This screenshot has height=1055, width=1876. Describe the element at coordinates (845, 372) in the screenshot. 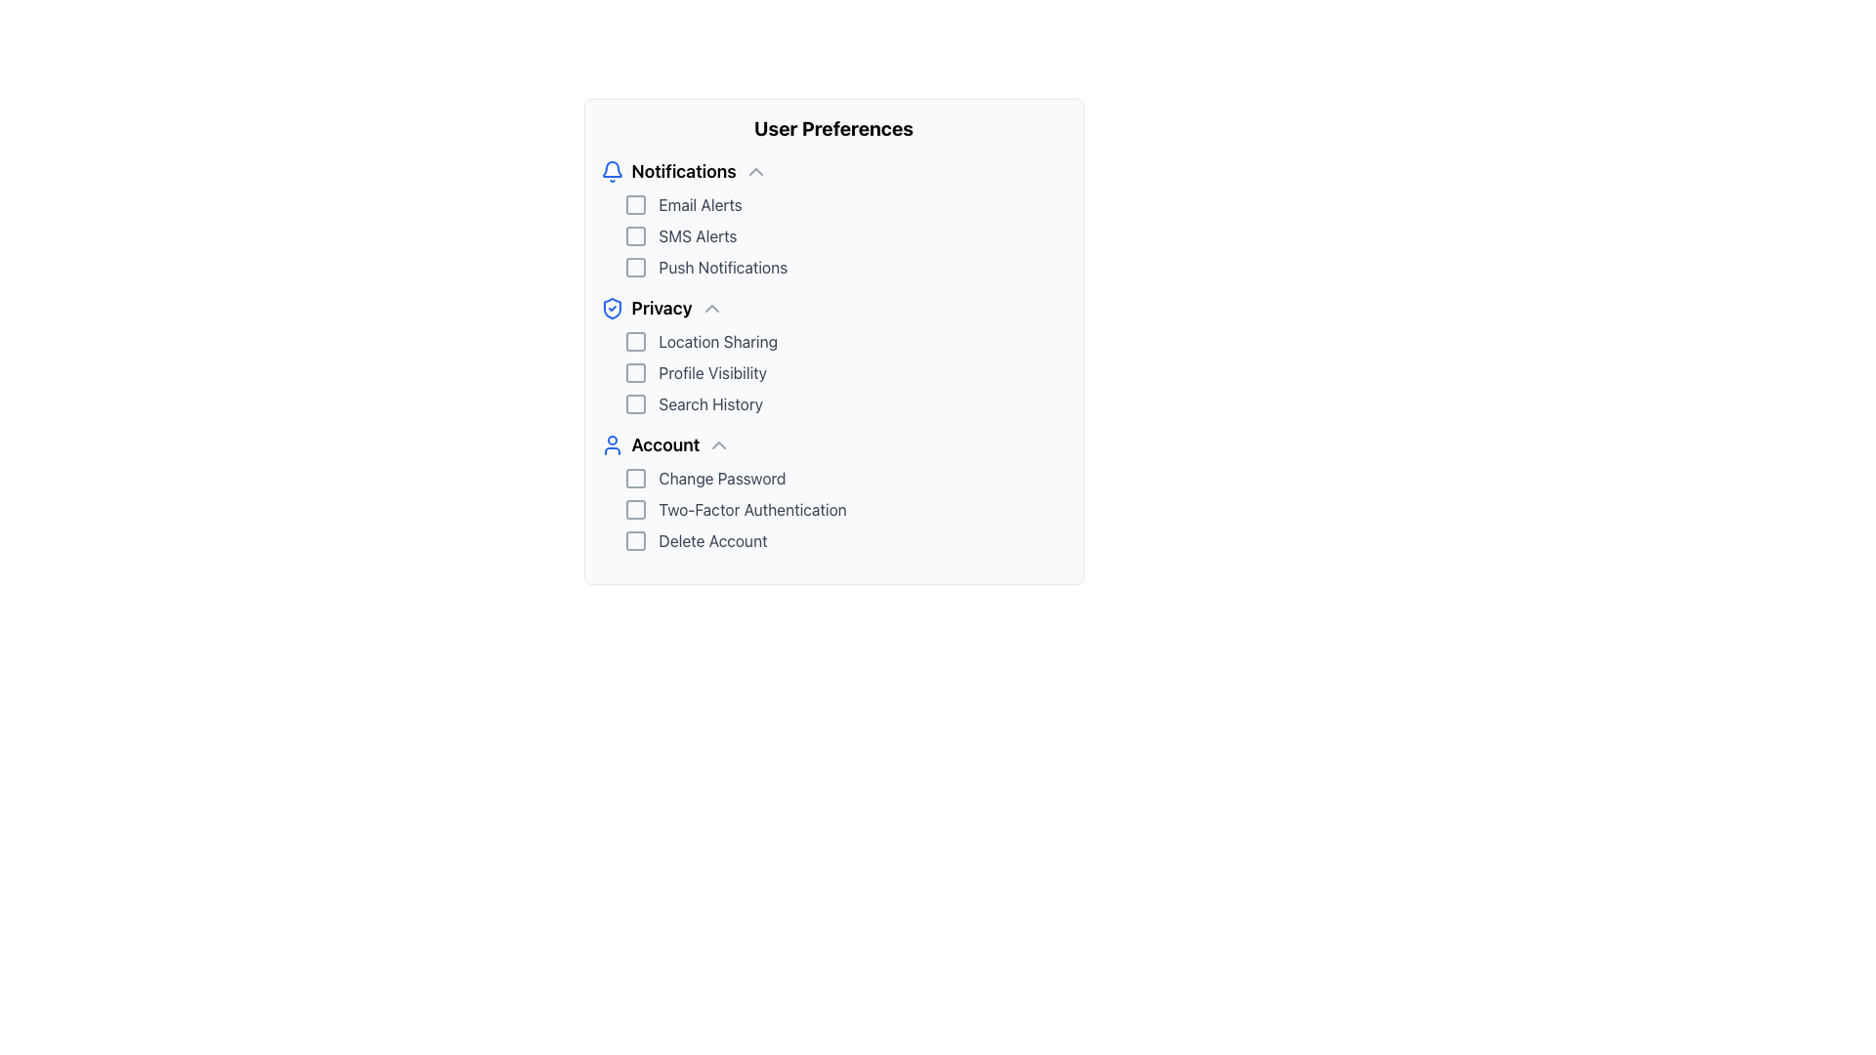

I see `the checkbox associated with the option` at that location.